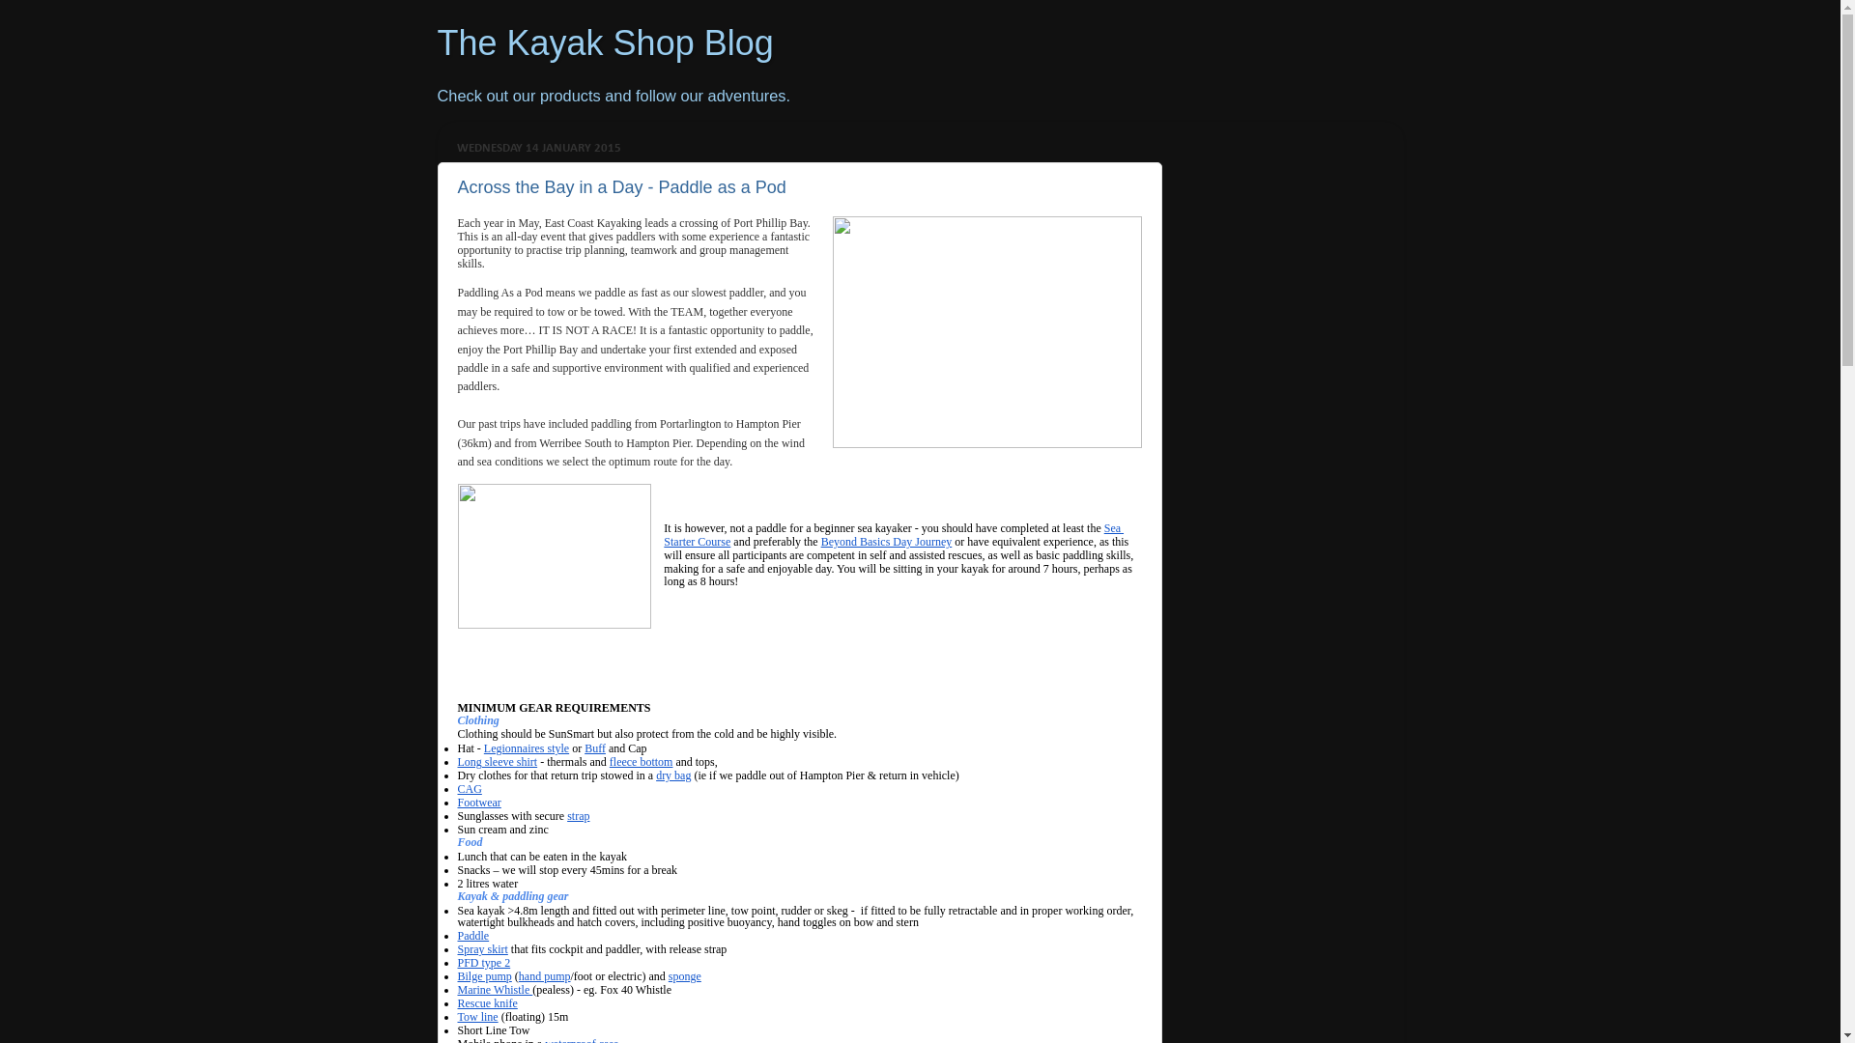  Describe the element at coordinates (470, 789) in the screenshot. I see `'CAG'` at that location.